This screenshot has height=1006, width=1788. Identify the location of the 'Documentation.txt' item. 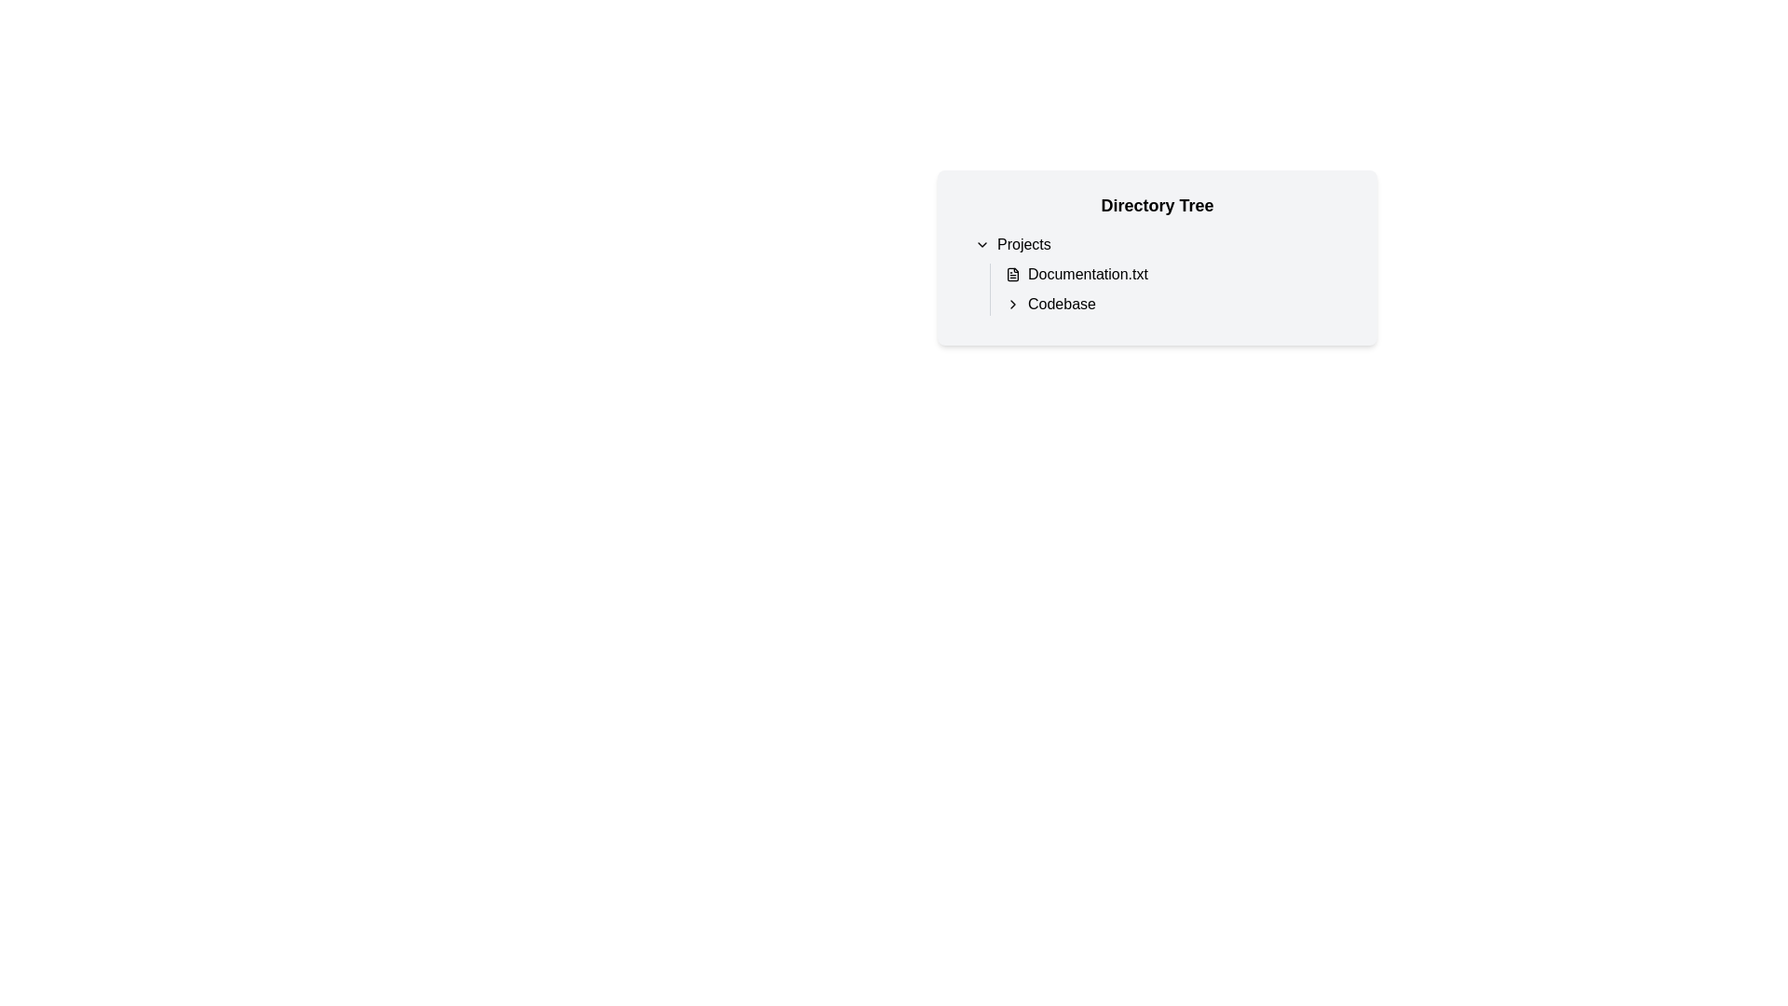
(1171, 290).